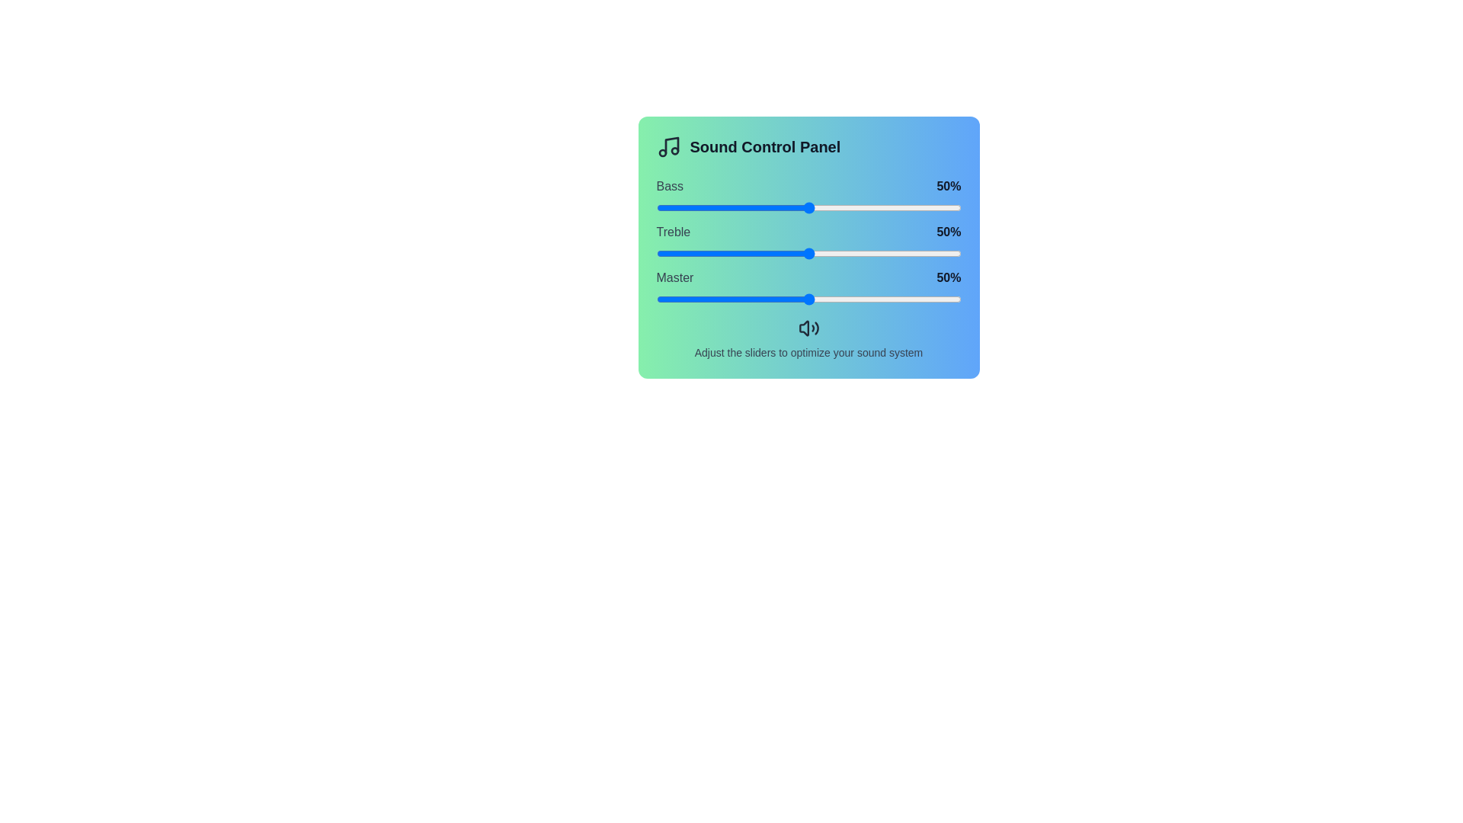 The width and height of the screenshot is (1463, 823). Describe the element at coordinates (838, 208) in the screenshot. I see `the Bass slider to 60%` at that location.